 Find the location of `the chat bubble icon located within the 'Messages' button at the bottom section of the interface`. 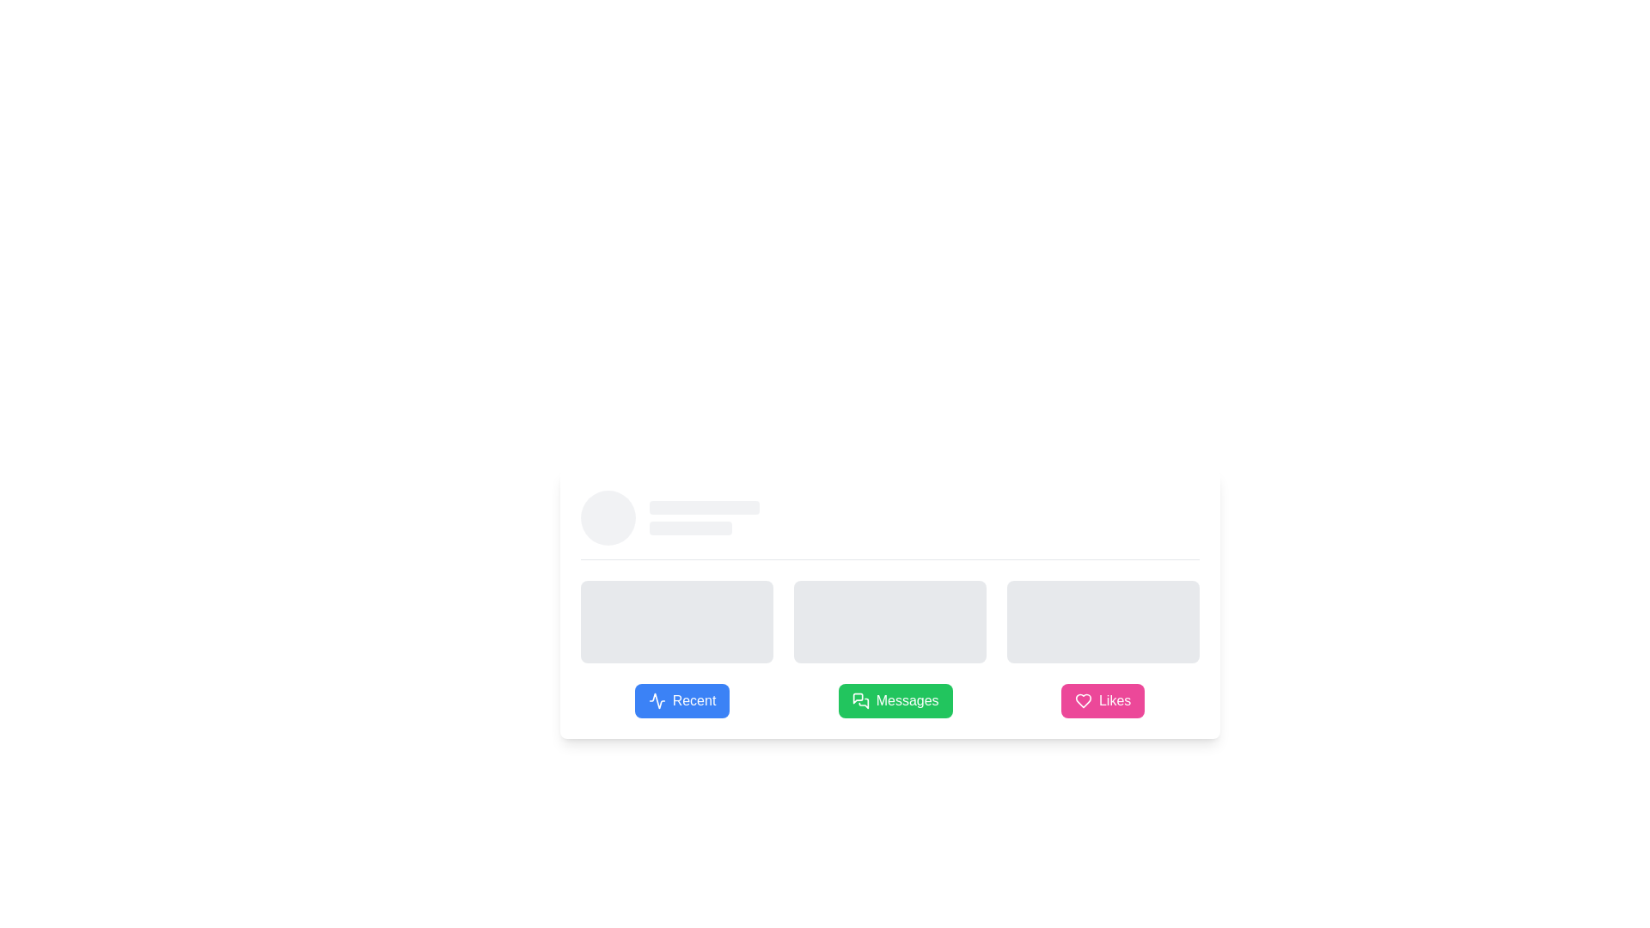

the chat bubble icon located within the 'Messages' button at the bottom section of the interface is located at coordinates (858, 699).